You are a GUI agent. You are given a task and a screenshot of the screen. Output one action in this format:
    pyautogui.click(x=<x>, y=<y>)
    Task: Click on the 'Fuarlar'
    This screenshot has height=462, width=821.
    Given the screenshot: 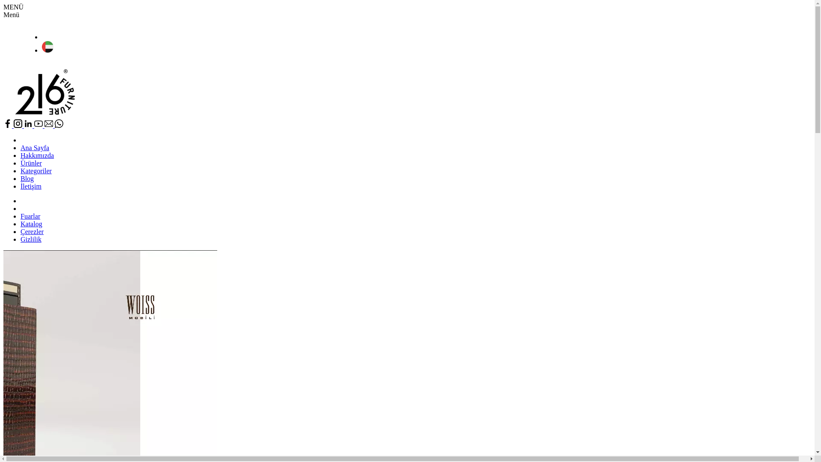 What is the action you would take?
    pyautogui.click(x=21, y=216)
    